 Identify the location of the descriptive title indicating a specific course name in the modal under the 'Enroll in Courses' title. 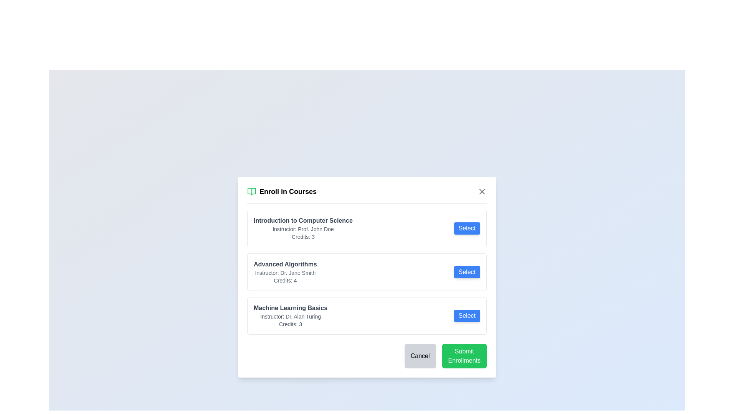
(285, 264).